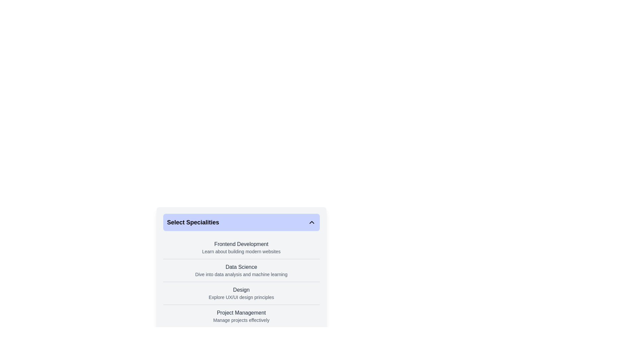 The height and width of the screenshot is (358, 637). What do you see at coordinates (193, 222) in the screenshot?
I see `the label that indicates the purpose of the dropdown or selection box for specialities, which is located on the left side of a purple bar, with a downward-pointing chevron icon to its right` at bounding box center [193, 222].